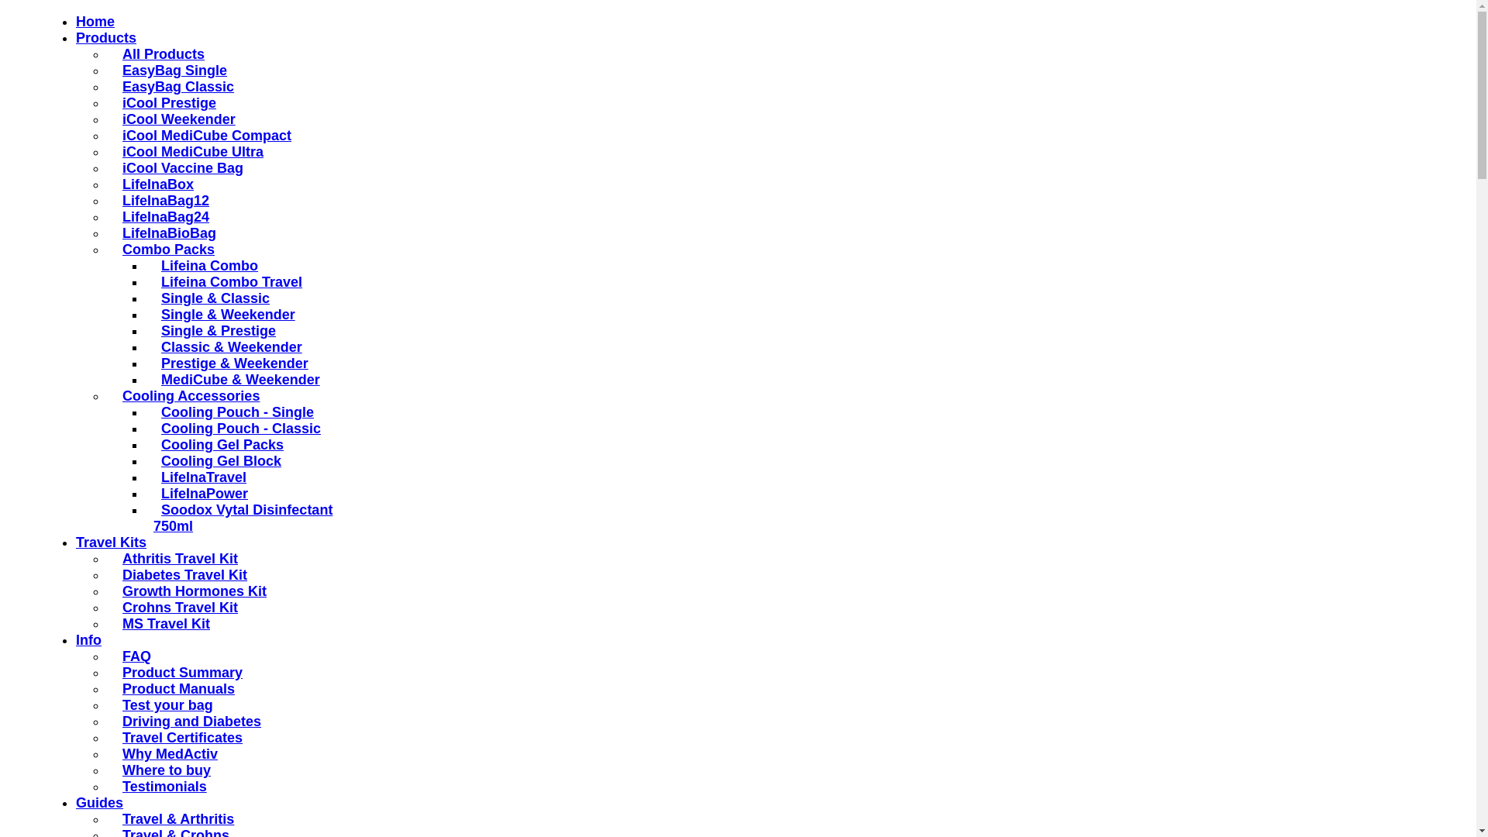 The height and width of the screenshot is (837, 1488). What do you see at coordinates (153, 184) in the screenshot?
I see `'LifeInaBox'` at bounding box center [153, 184].